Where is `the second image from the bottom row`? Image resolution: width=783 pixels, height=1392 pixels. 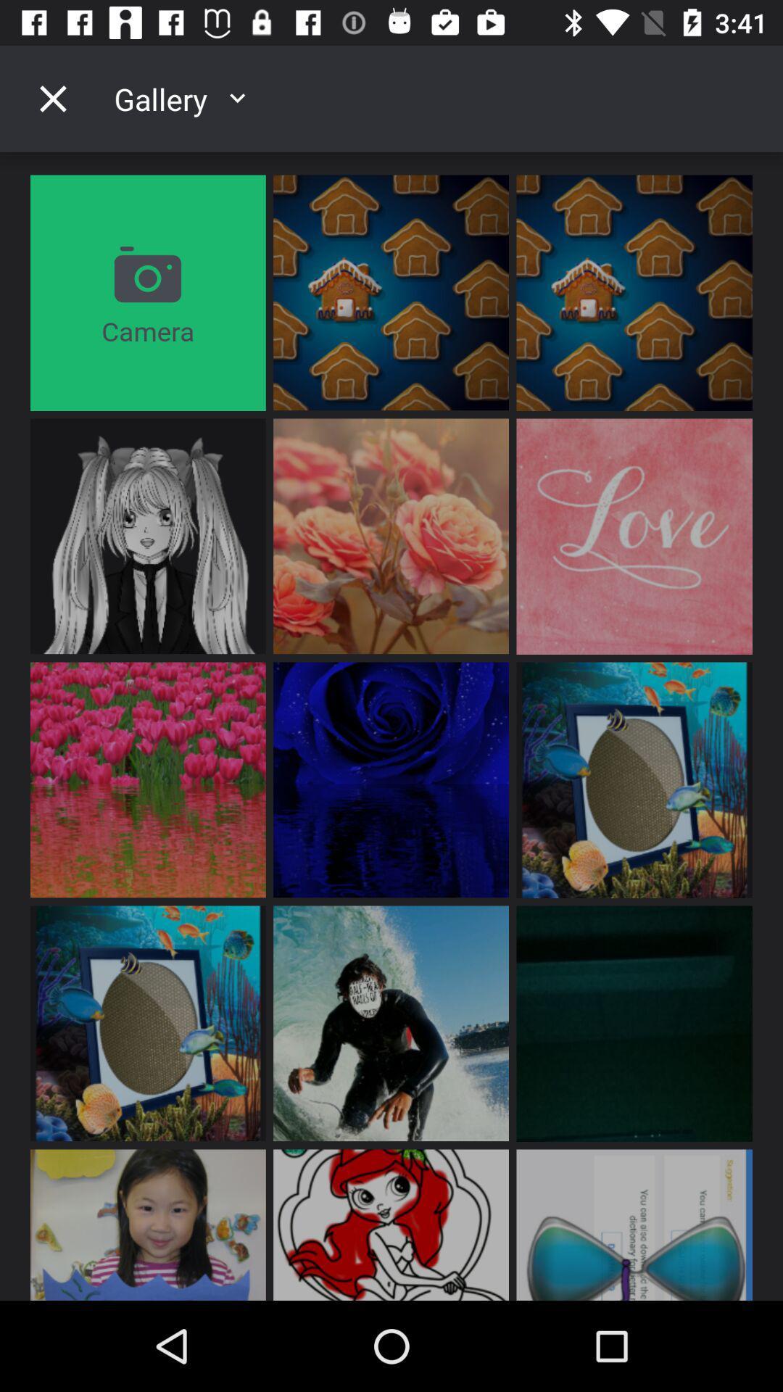
the second image from the bottom row is located at coordinates (390, 1224).